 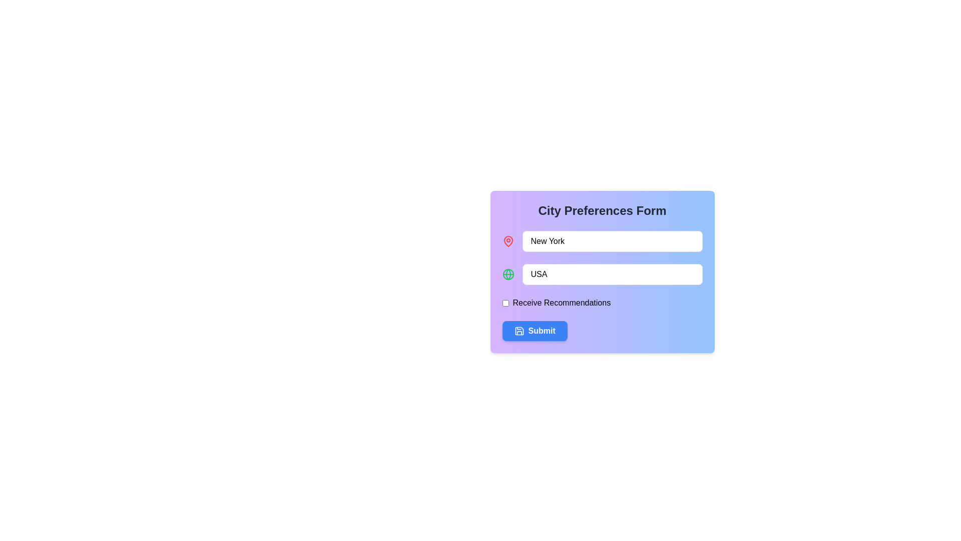 What do you see at coordinates (562, 303) in the screenshot?
I see `the descriptive label for the checkbox that allows users to understand the purpose of selecting or deselecting the checkbox to receive recommendations, located below the second input field and above the 'Submit' button` at bounding box center [562, 303].